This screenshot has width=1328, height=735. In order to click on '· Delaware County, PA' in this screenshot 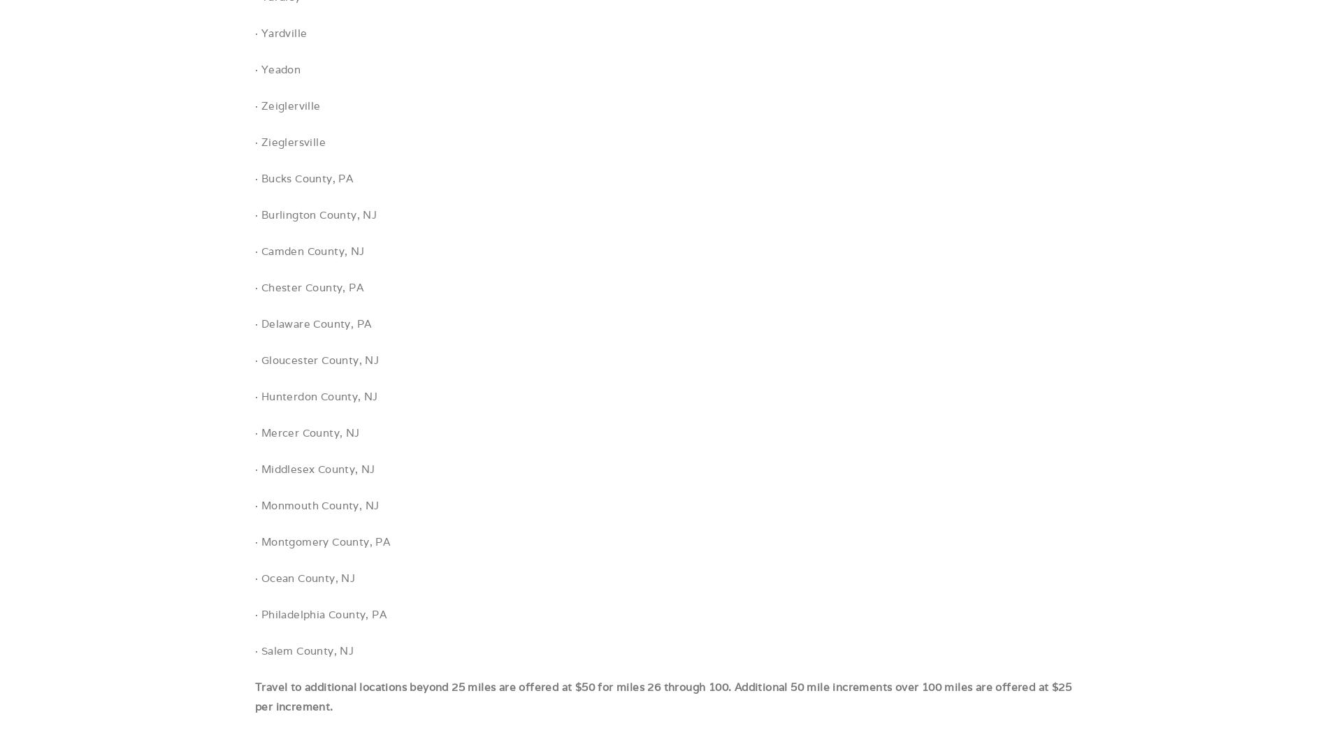, I will do `click(312, 323)`.